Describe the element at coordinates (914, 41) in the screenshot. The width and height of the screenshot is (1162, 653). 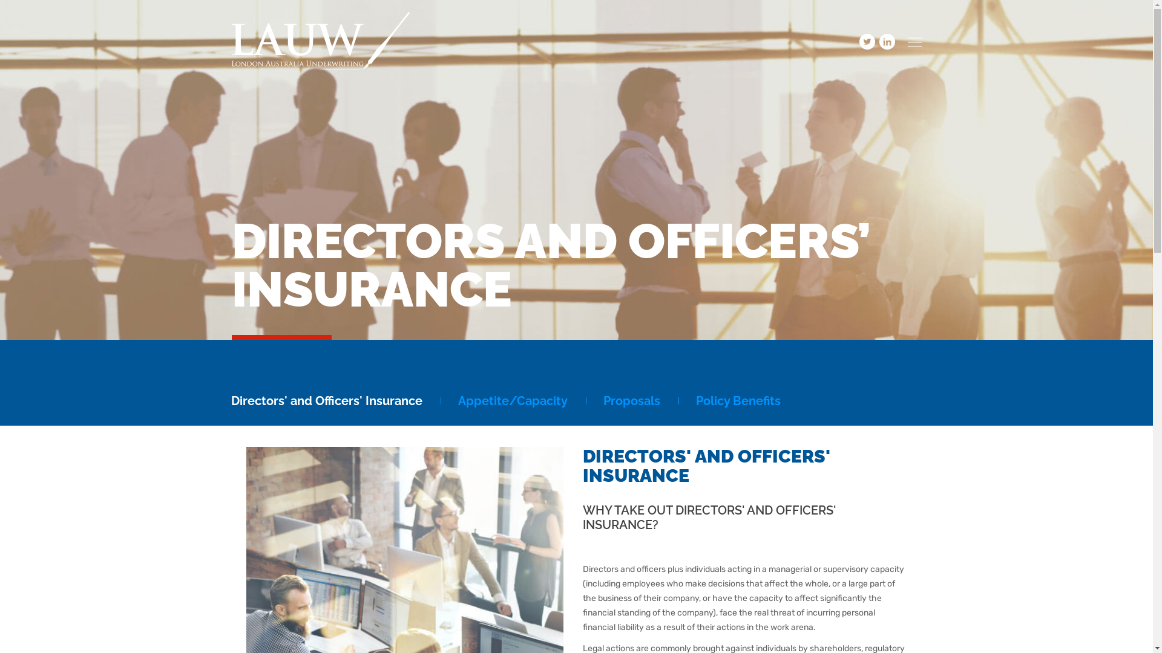
I see `'Menu'` at that location.